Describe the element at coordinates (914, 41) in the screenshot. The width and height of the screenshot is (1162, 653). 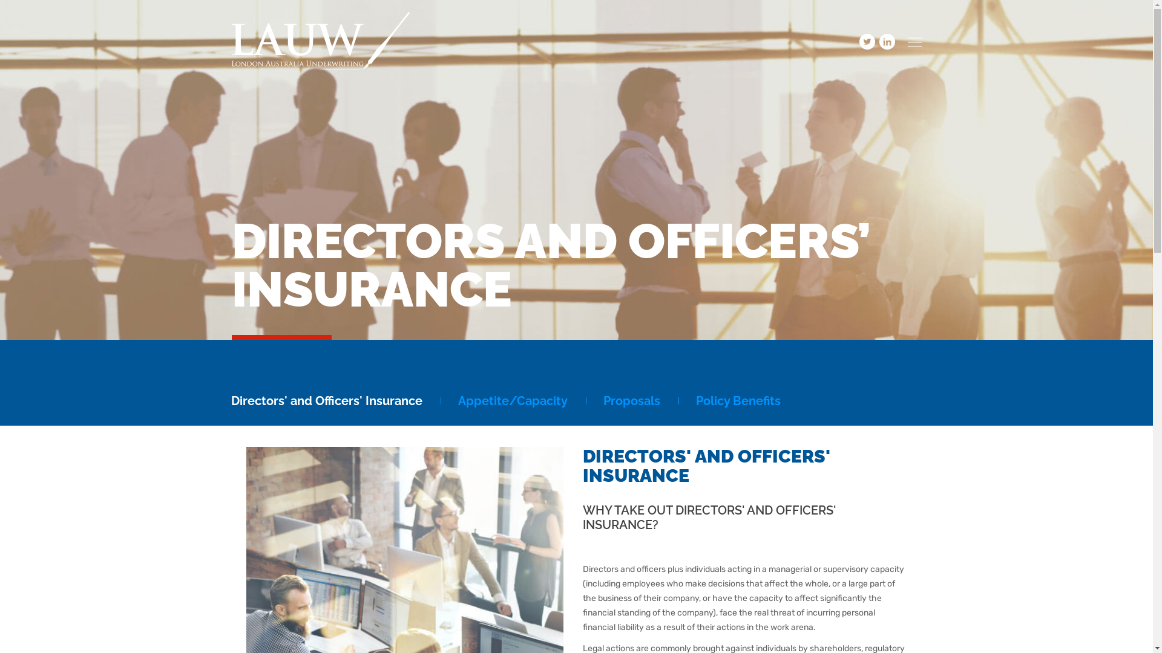
I see `'Menu'` at that location.